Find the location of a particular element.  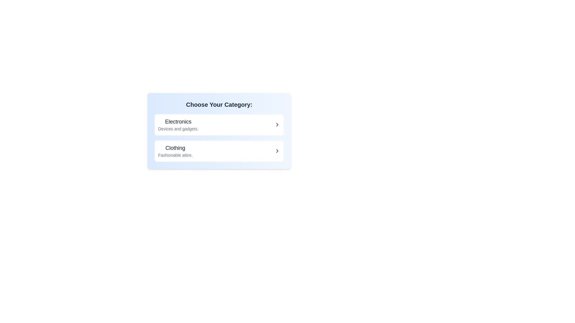

the rightward-pointing chevron icon located to the right of the 'Electronics' text block is located at coordinates (277, 124).